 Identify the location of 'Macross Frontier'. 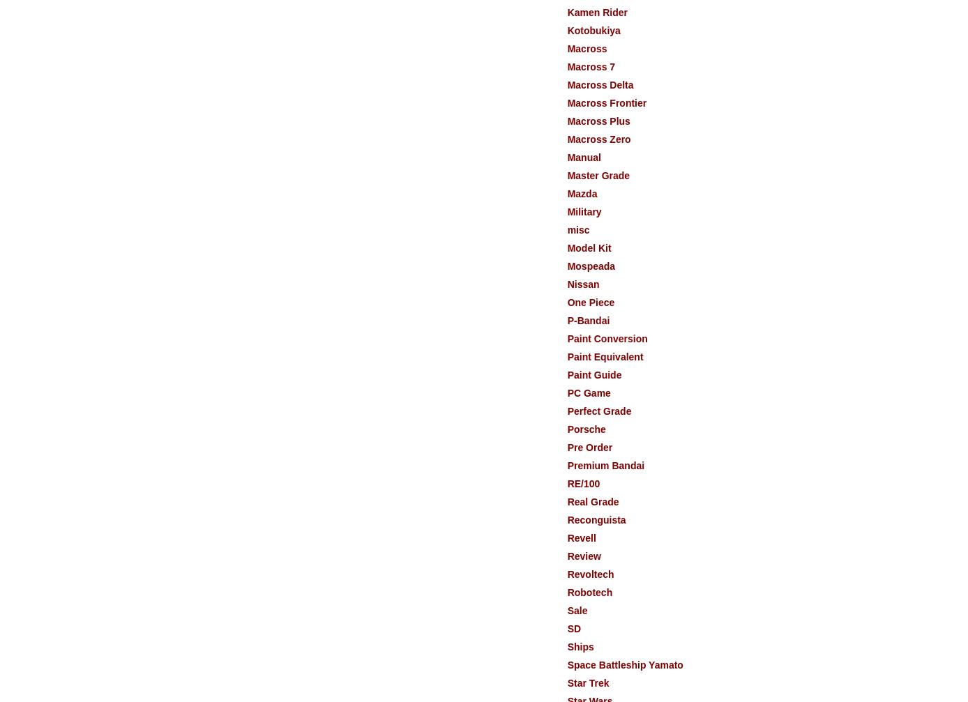
(566, 103).